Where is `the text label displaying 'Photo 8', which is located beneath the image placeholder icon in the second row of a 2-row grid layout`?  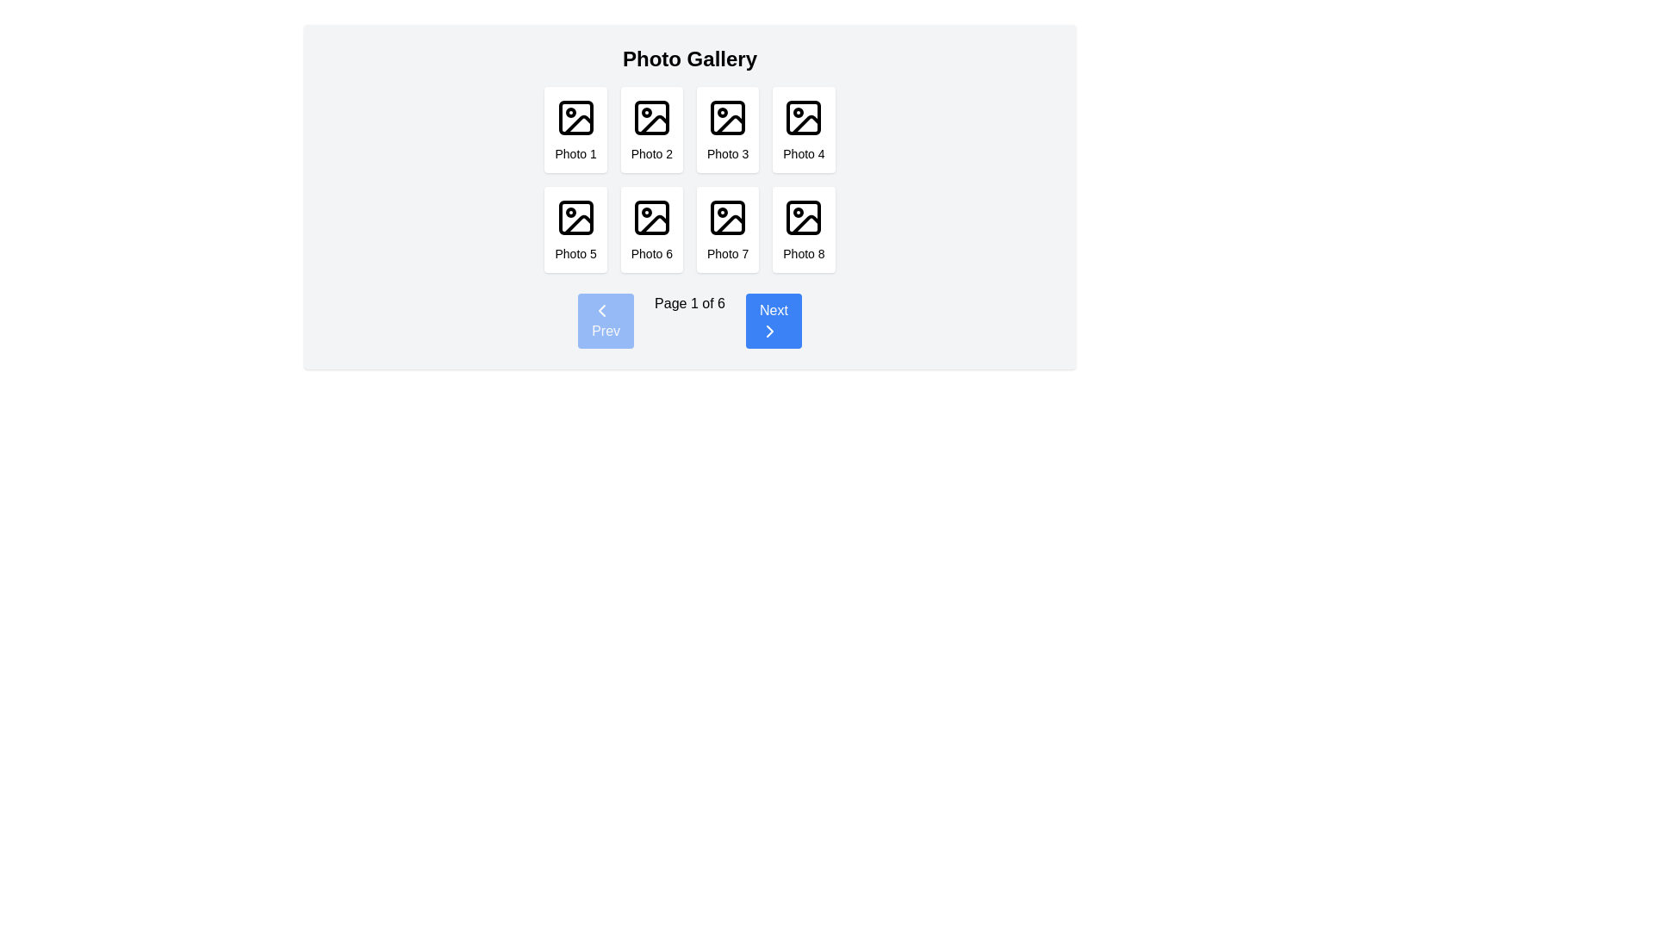
the text label displaying 'Photo 8', which is located beneath the image placeholder icon in the second row of a 2-row grid layout is located at coordinates (803, 253).